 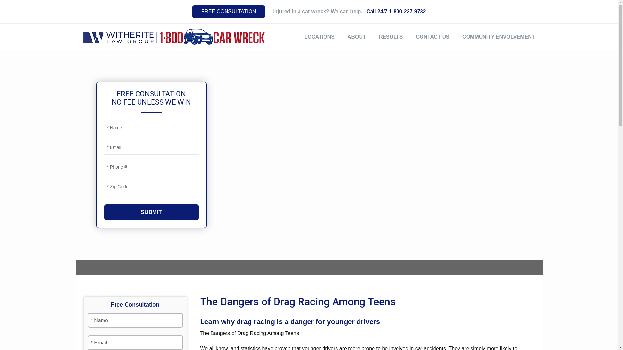 I want to click on 'RESULTS', so click(x=390, y=37).